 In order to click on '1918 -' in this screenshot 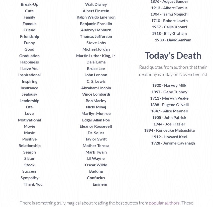, I will do `click(158, 33)`.